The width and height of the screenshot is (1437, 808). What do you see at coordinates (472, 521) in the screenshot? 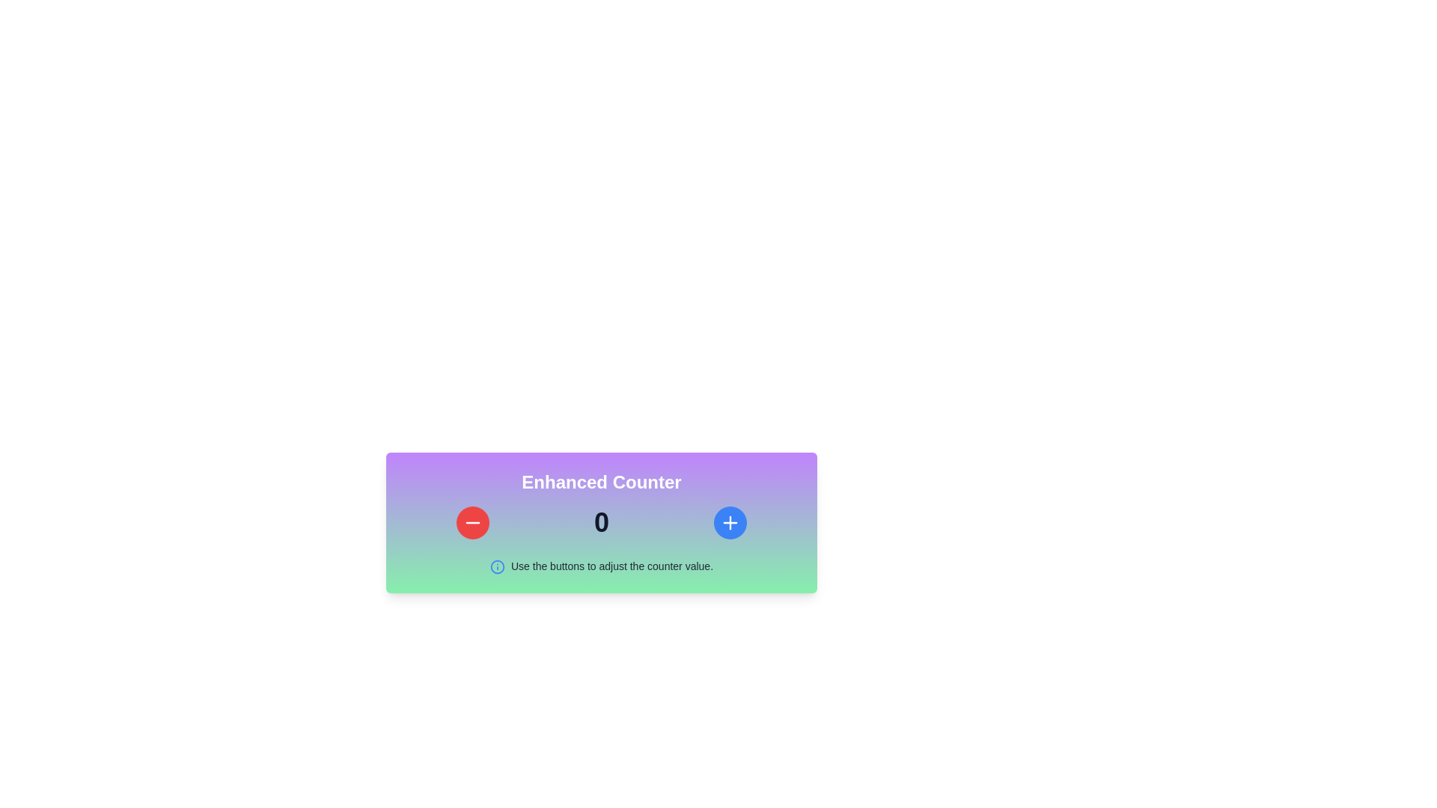
I see `the Minus Sign icon, which is a red circular button located to the left of the text '0' on the control panel, to decrement the counter value` at bounding box center [472, 521].